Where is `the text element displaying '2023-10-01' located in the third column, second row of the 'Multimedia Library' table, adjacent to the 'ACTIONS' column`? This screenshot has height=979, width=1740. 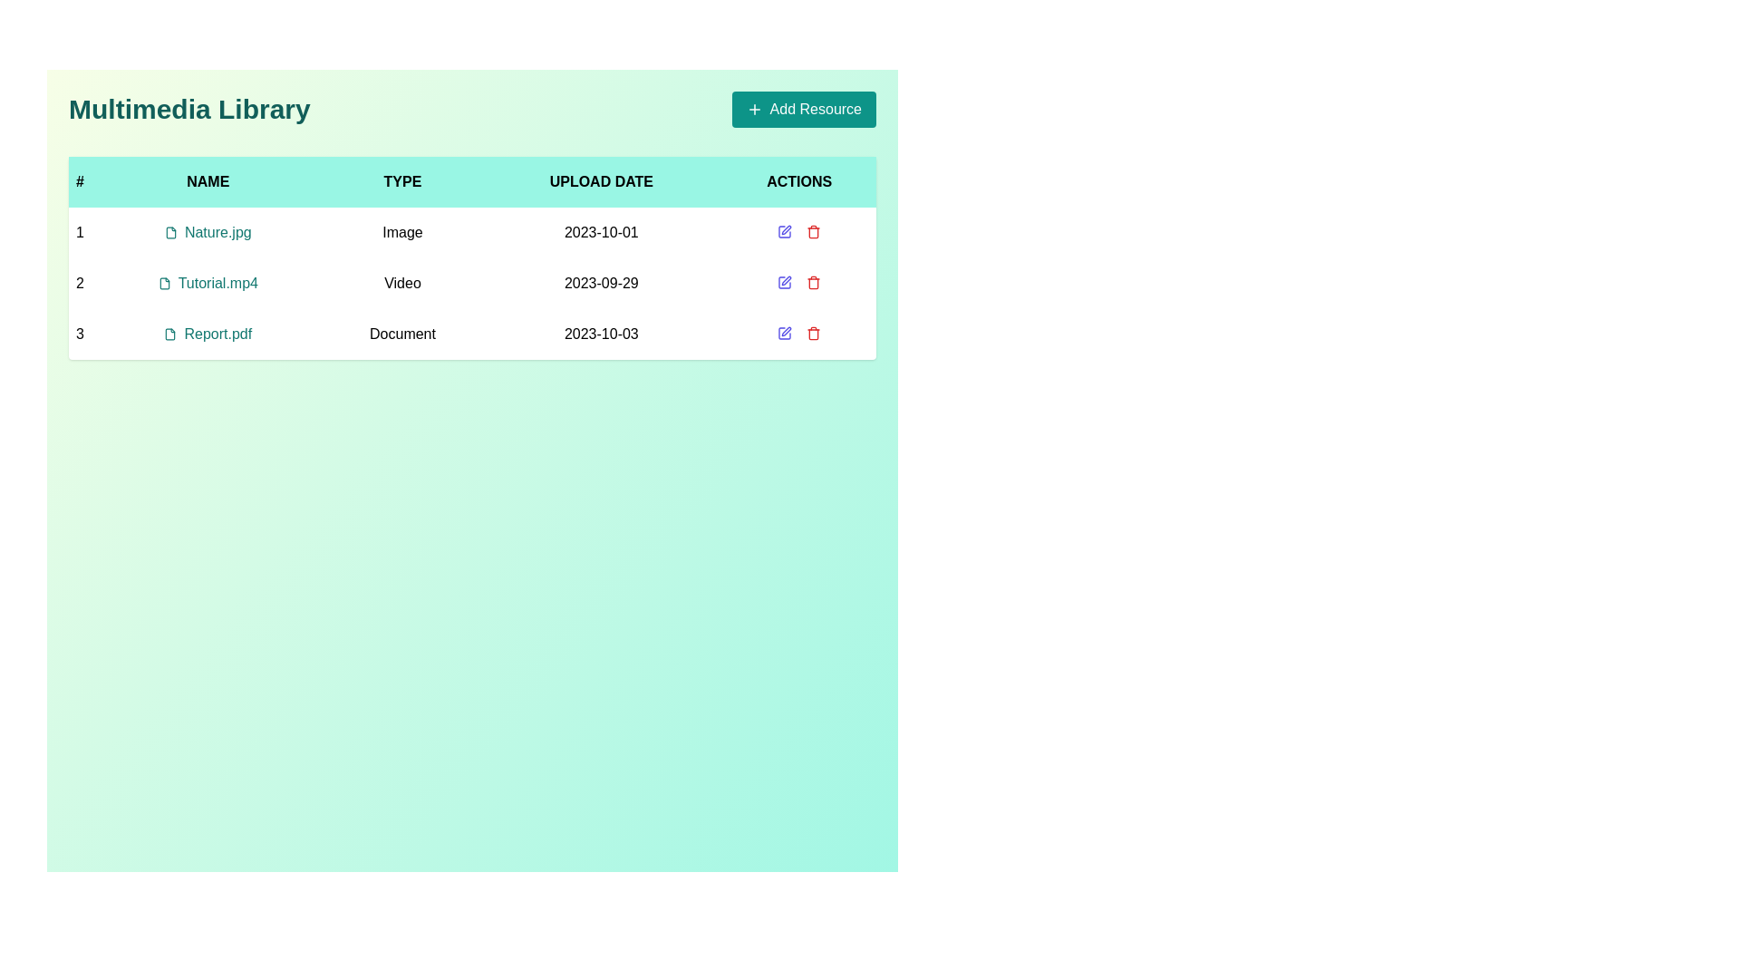 the text element displaying '2023-10-01' located in the third column, second row of the 'Multimedia Library' table, adjacent to the 'ACTIONS' column is located at coordinates (601, 232).